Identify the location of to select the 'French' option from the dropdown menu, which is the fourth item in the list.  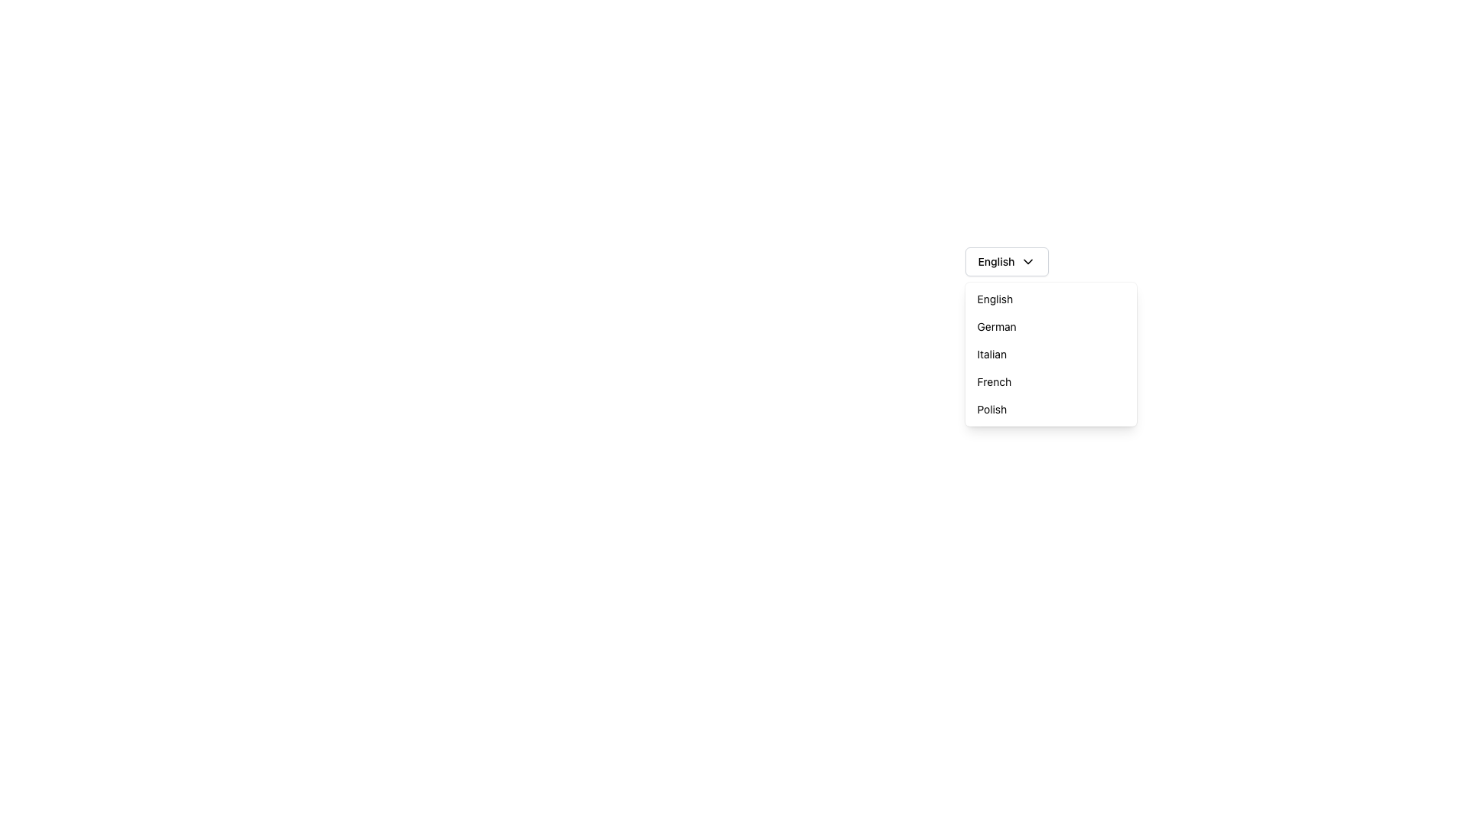
(1050, 381).